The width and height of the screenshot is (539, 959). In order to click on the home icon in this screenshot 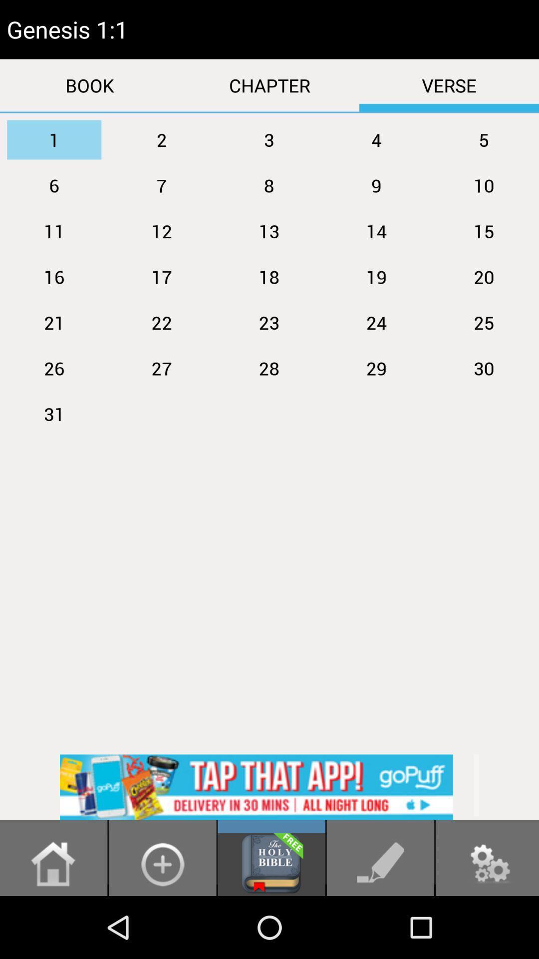, I will do `click(53, 925)`.